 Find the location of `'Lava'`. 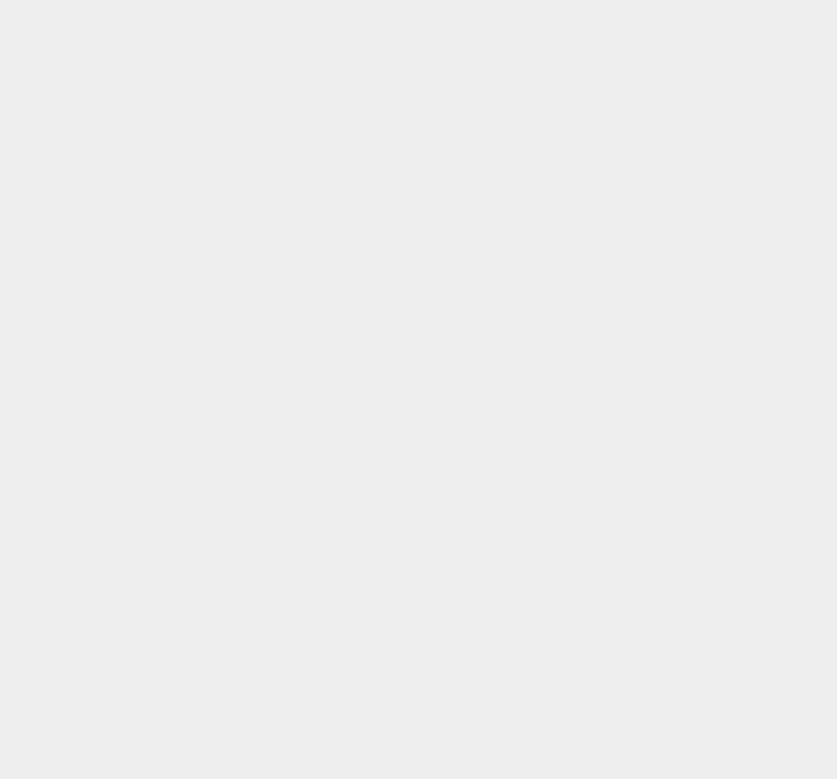

'Lava' is located at coordinates (602, 759).